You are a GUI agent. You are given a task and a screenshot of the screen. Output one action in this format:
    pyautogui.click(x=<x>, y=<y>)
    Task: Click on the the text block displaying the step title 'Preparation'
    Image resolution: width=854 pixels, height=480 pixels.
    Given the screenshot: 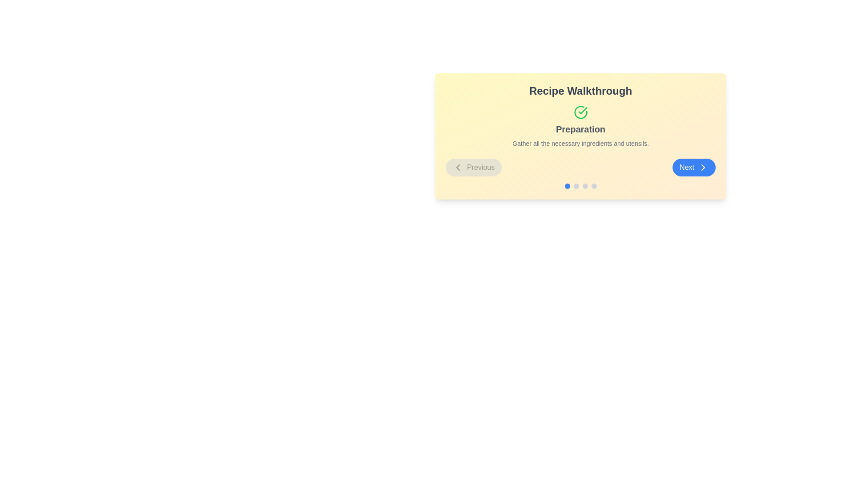 What is the action you would take?
    pyautogui.click(x=580, y=127)
    